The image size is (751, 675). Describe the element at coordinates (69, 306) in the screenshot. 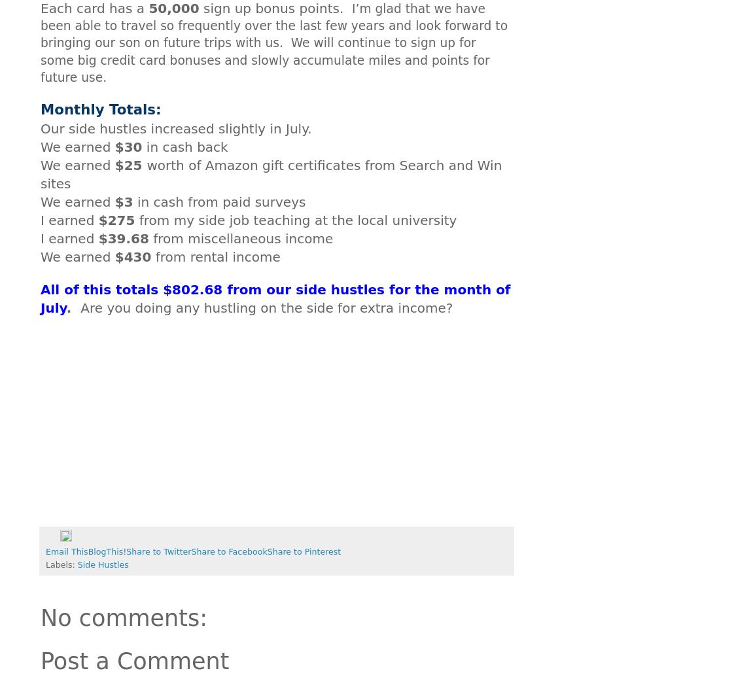

I see `'.'` at that location.